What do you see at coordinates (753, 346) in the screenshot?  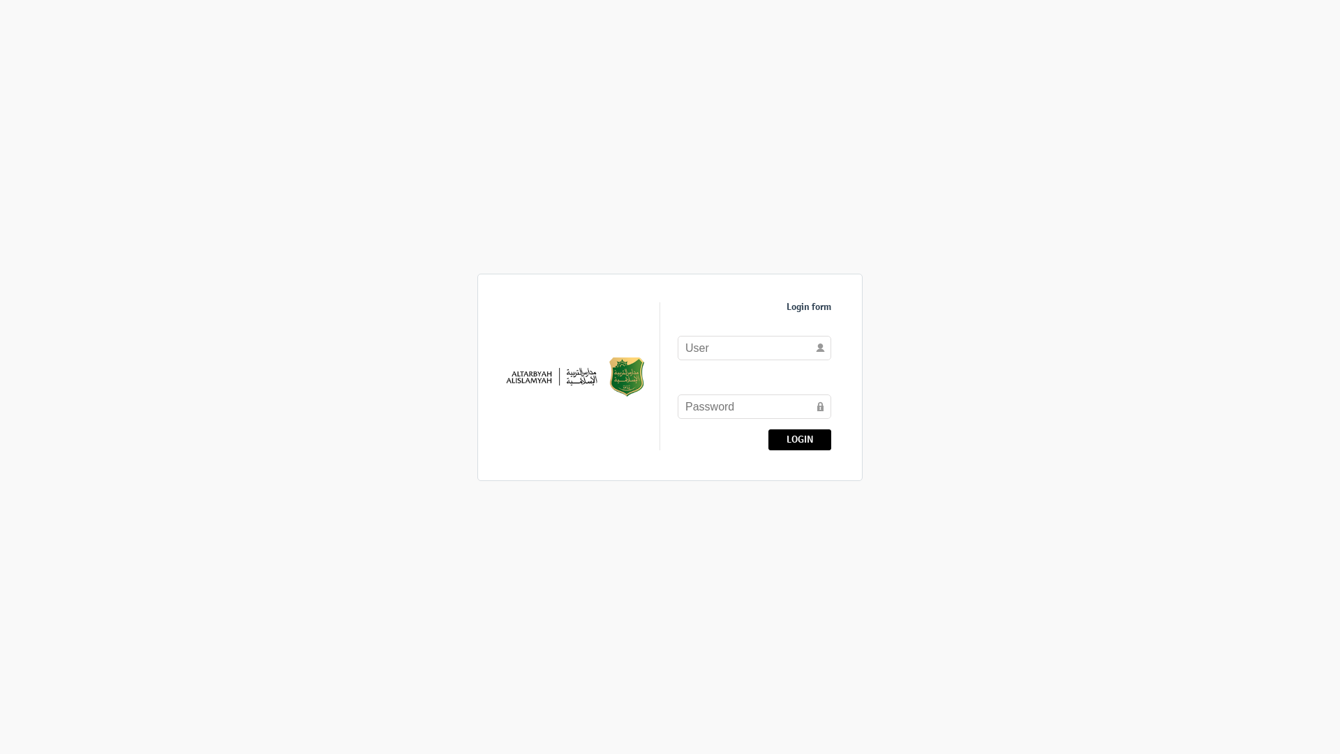 I see `'Username'` at bounding box center [753, 346].